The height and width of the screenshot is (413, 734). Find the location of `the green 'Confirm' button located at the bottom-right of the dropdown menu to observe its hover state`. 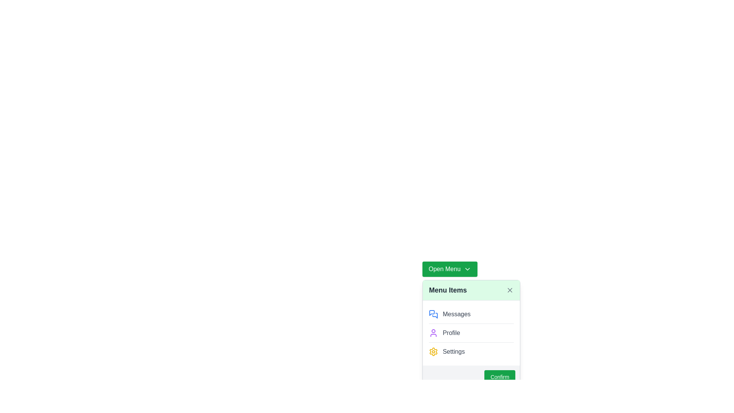

the green 'Confirm' button located at the bottom-right of the dropdown menu to observe its hover state is located at coordinates (471, 377).